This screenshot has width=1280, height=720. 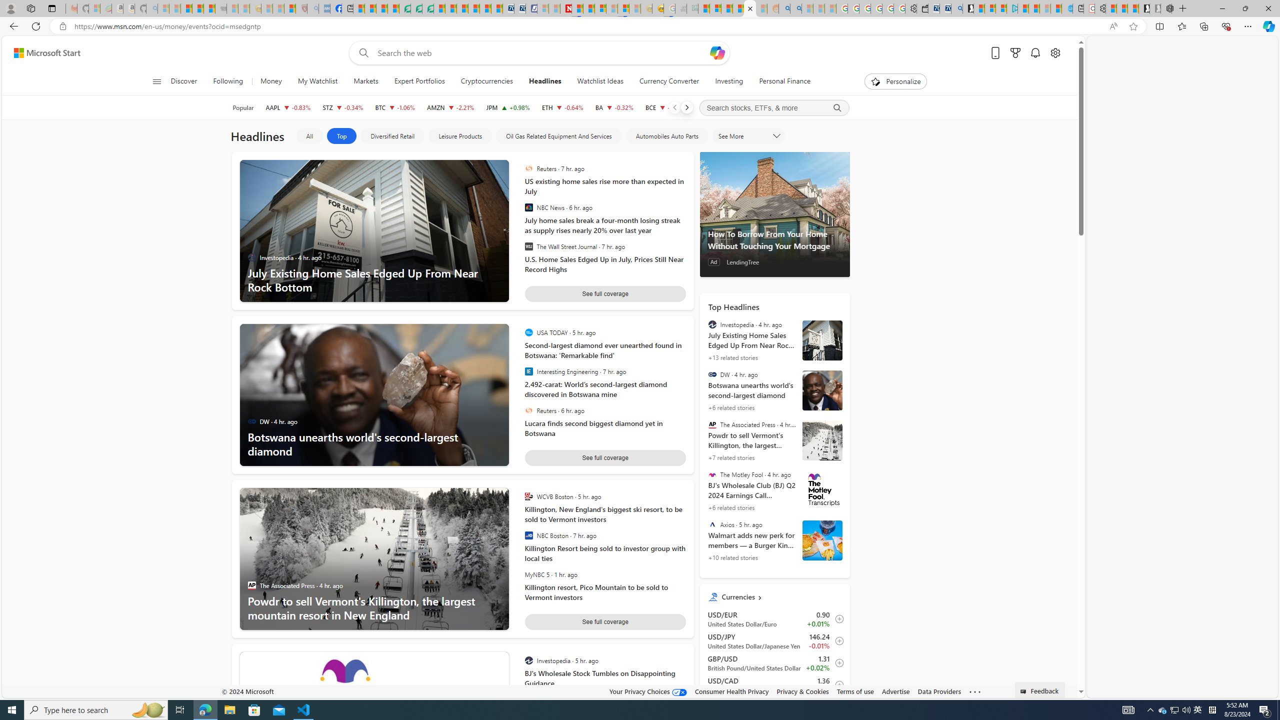 I want to click on 'Discover', so click(x=183, y=81).